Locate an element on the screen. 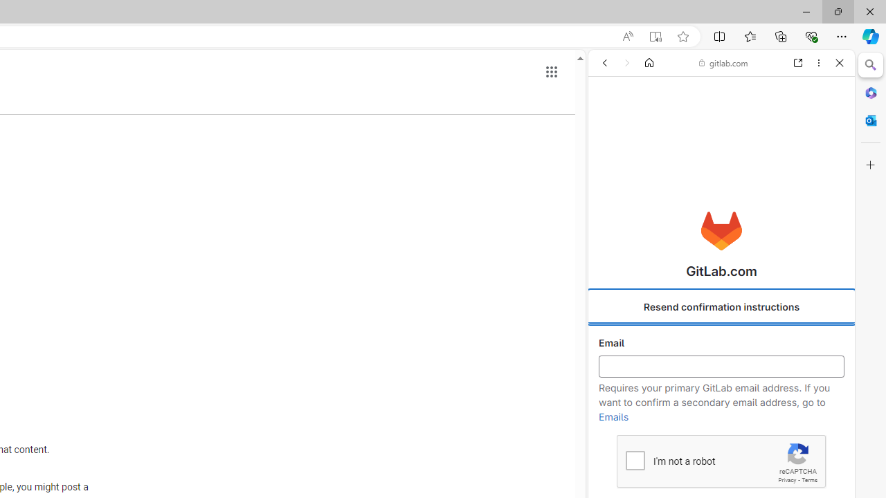  'Read aloud this page (Ctrl+Shift+U)' is located at coordinates (626, 36).